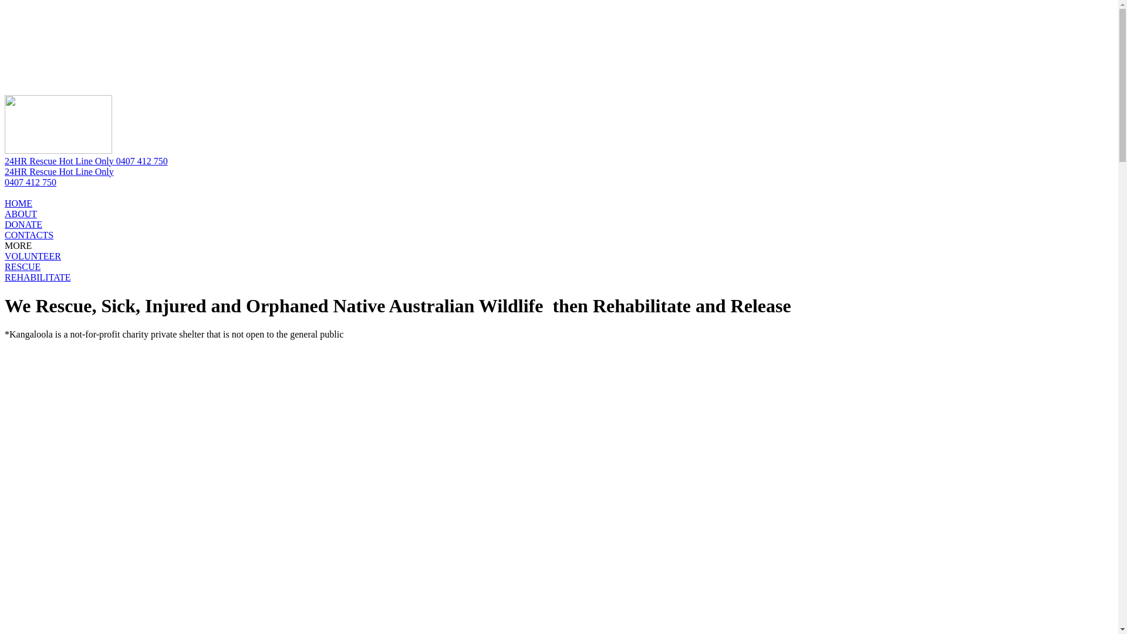 This screenshot has width=1127, height=634. Describe the element at coordinates (29, 235) in the screenshot. I see `'CONTACTS'` at that location.